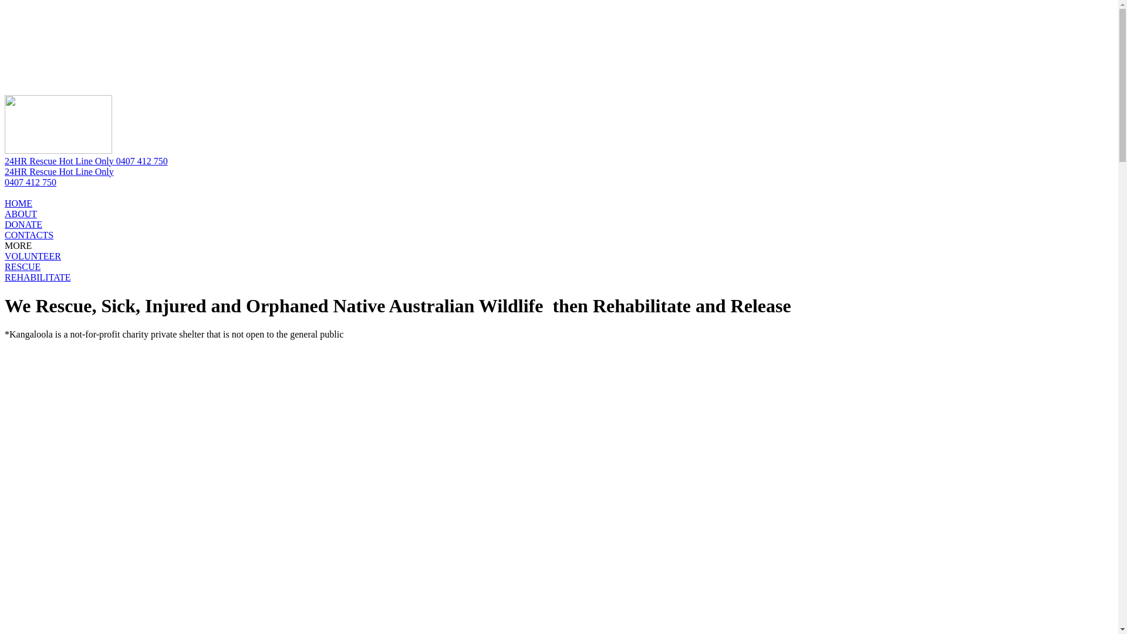 This screenshot has width=1127, height=634. Describe the element at coordinates (29, 235) in the screenshot. I see `'CONTACTS'` at that location.